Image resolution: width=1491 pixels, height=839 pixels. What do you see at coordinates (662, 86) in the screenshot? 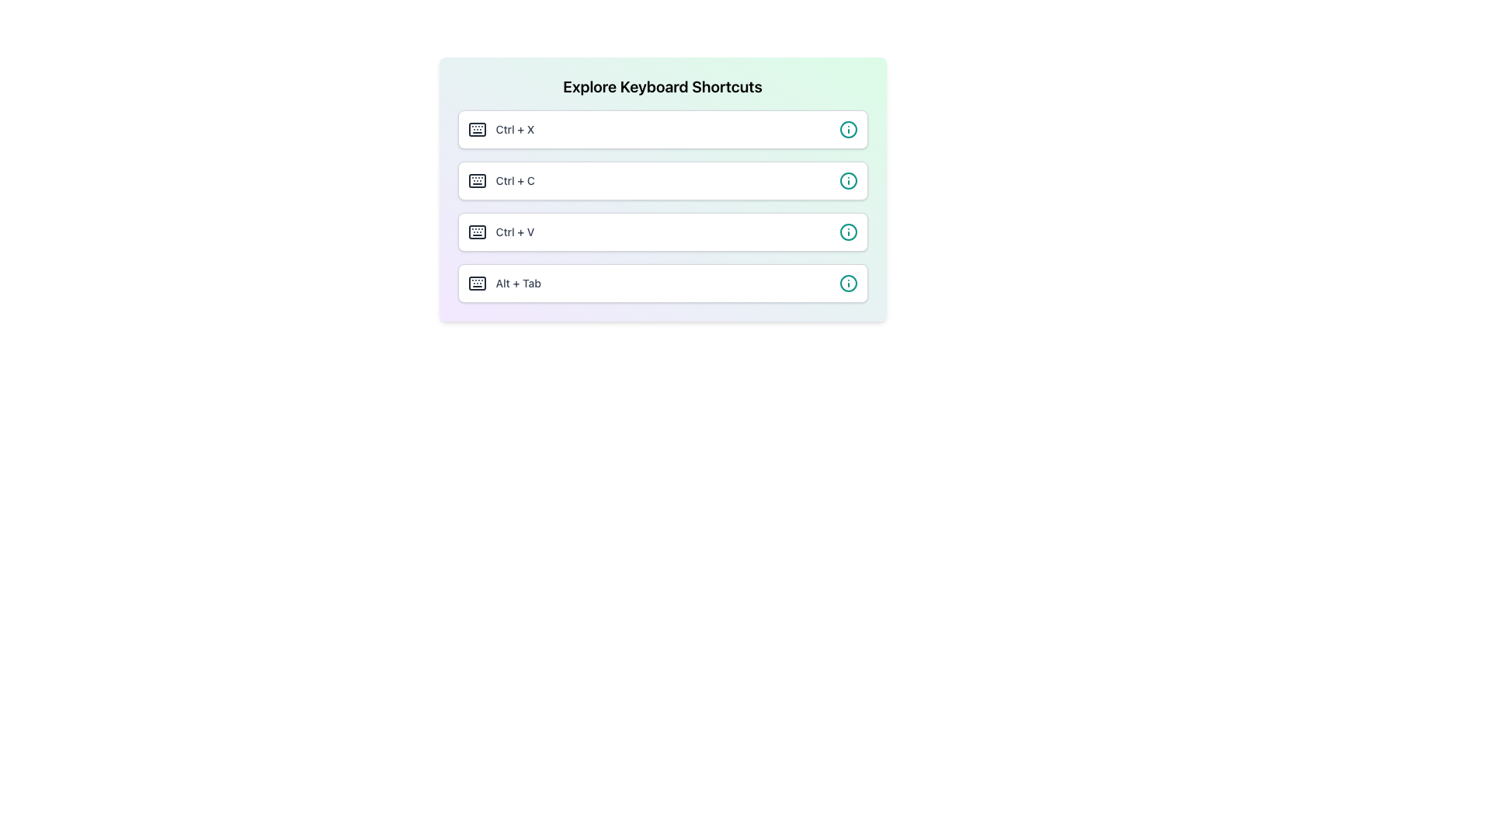
I see `text element displaying 'Explore Keyboard Shortcuts', which is a header styled in a larger font and bold weight, located at the top of the keyboard shortcuts panel` at bounding box center [662, 86].